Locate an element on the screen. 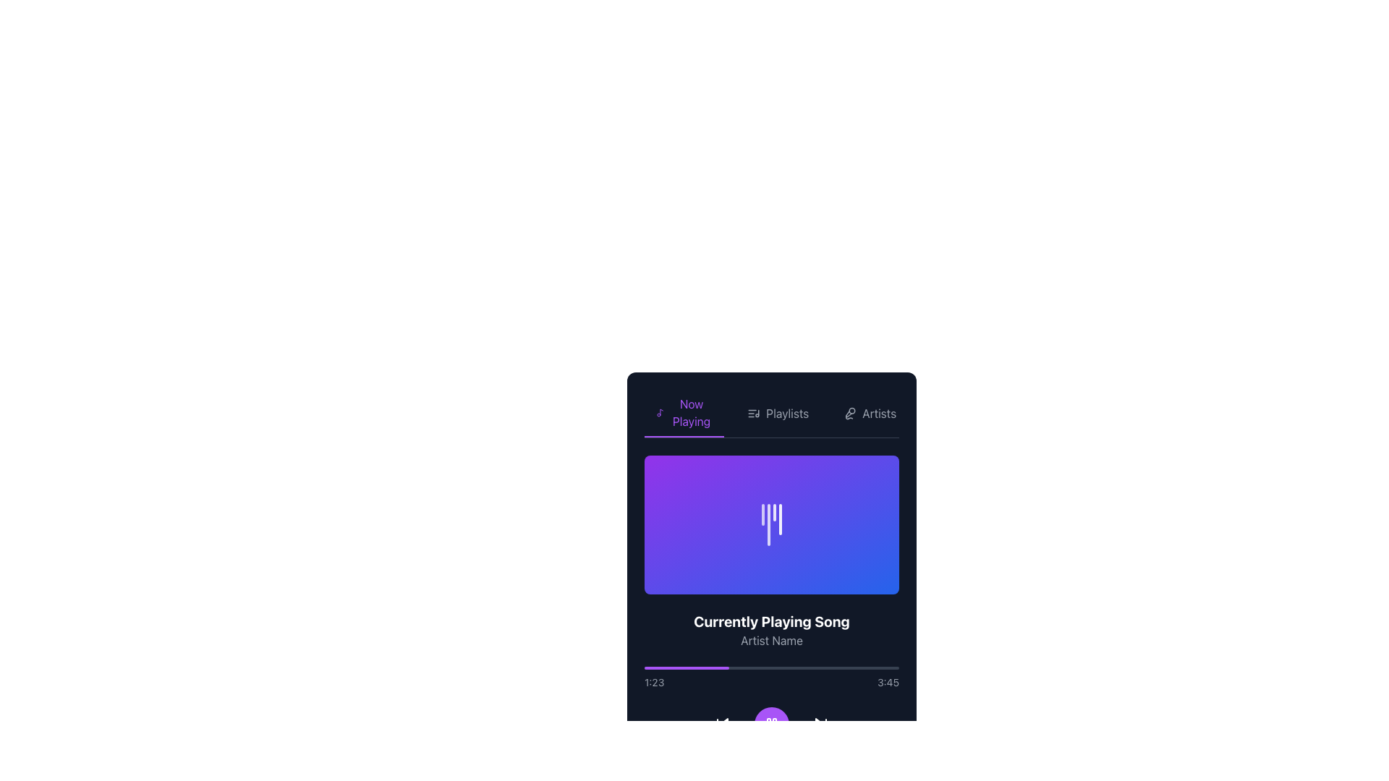  the left-most animated bar in the audio visualization section above the text 'Currently Playing Song' is located at coordinates (763, 513).